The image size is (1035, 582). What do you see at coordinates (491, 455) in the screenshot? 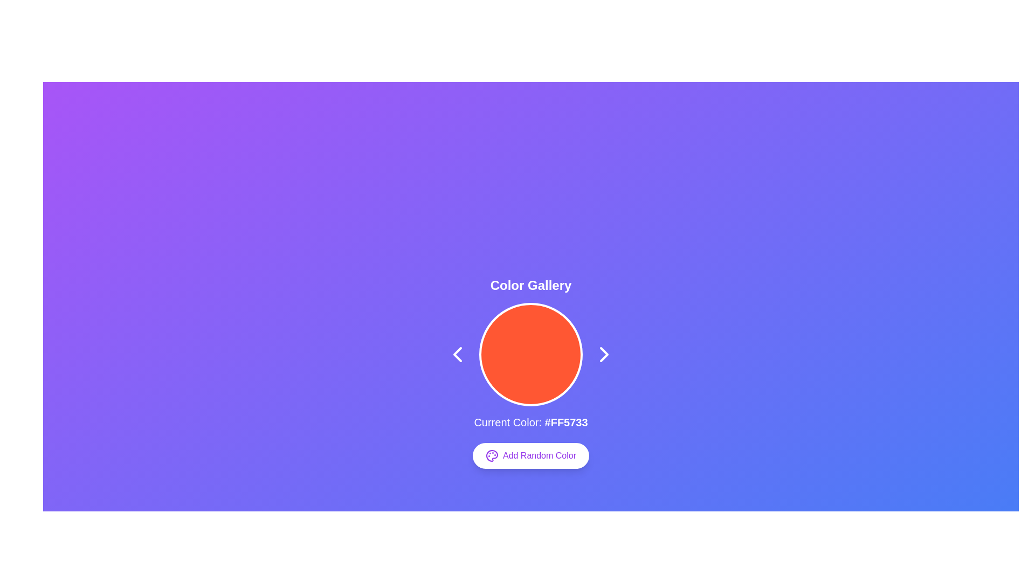
I see `the painter's palette icon, which is a round vector icon with small circular elements representing paint colors, located in the center of the display` at bounding box center [491, 455].